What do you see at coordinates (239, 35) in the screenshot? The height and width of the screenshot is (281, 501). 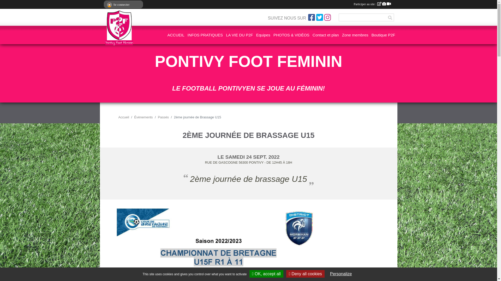 I see `'LA VIE DU P2F'` at bounding box center [239, 35].